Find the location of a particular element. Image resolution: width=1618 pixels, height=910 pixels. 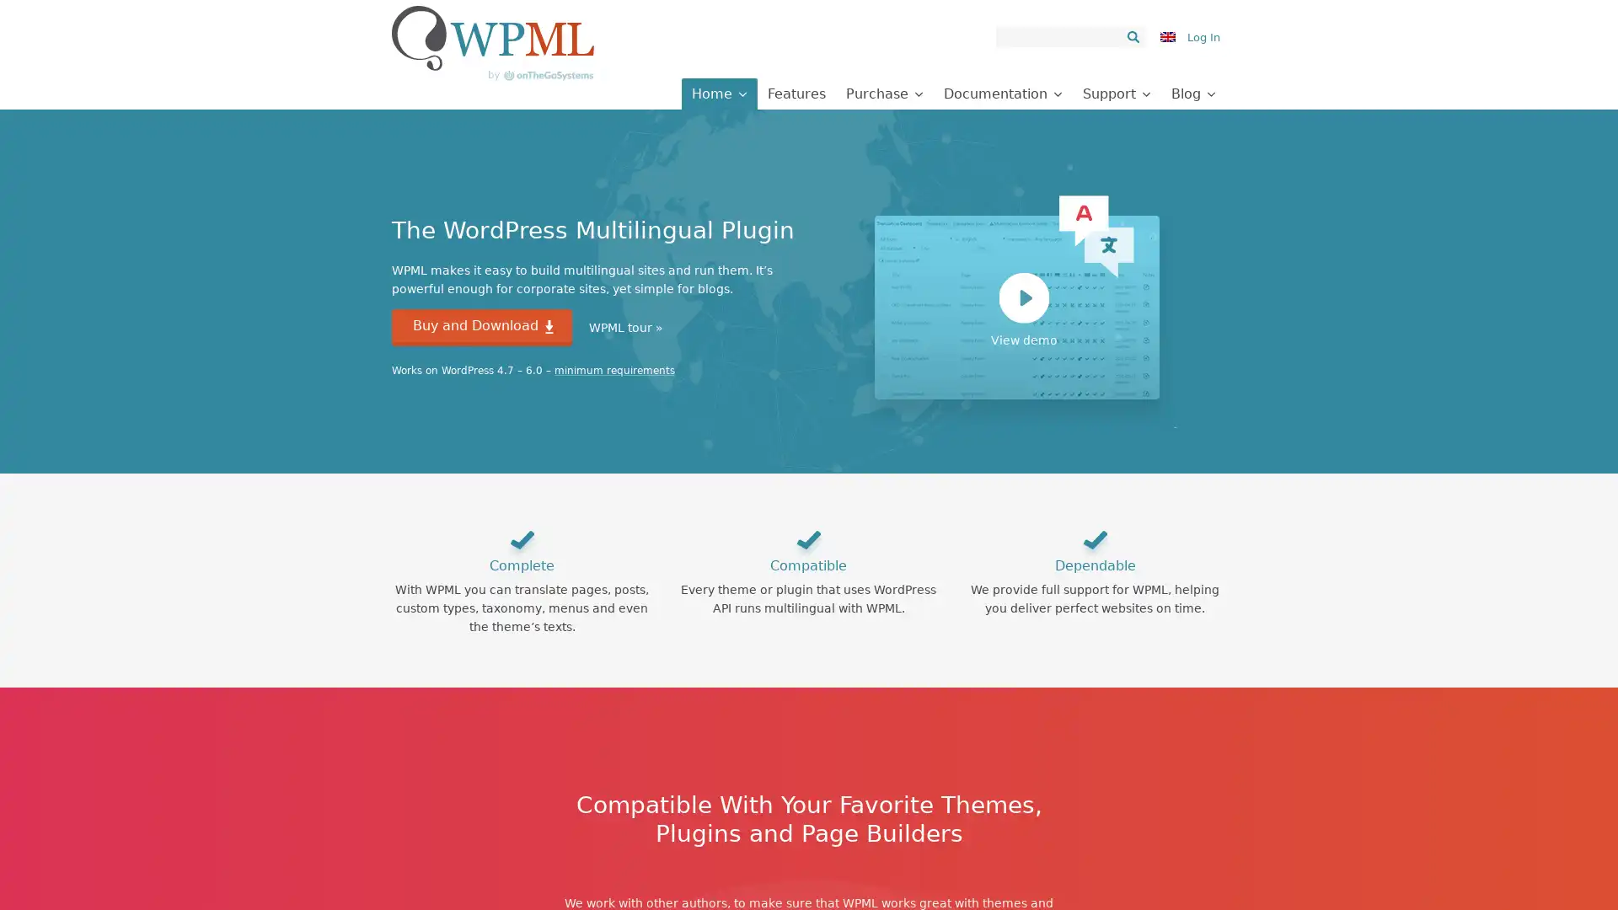

Search is located at coordinates (1133, 36).